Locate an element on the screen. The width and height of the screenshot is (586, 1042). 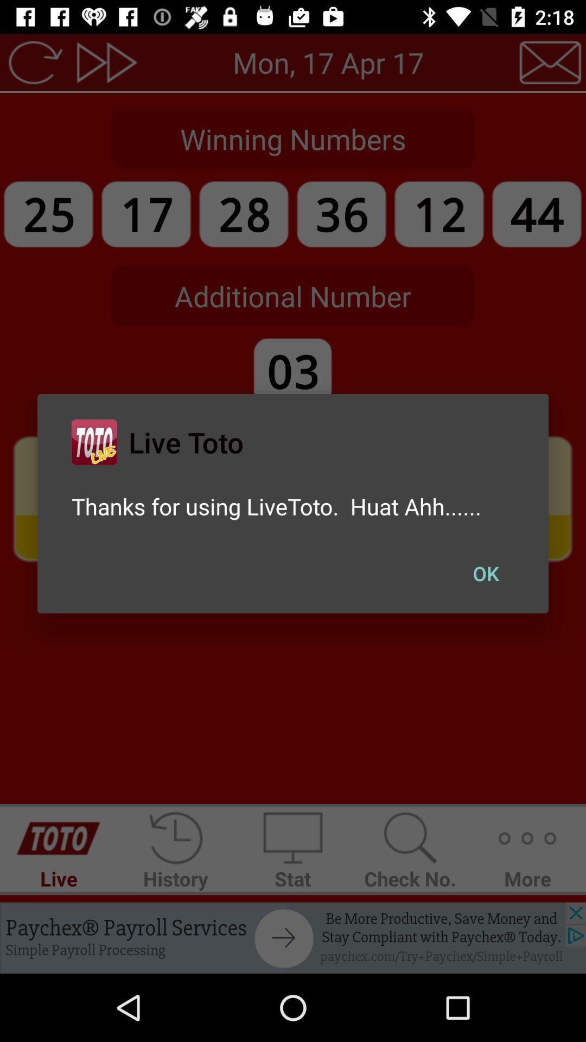
the av_forward icon is located at coordinates (106, 62).